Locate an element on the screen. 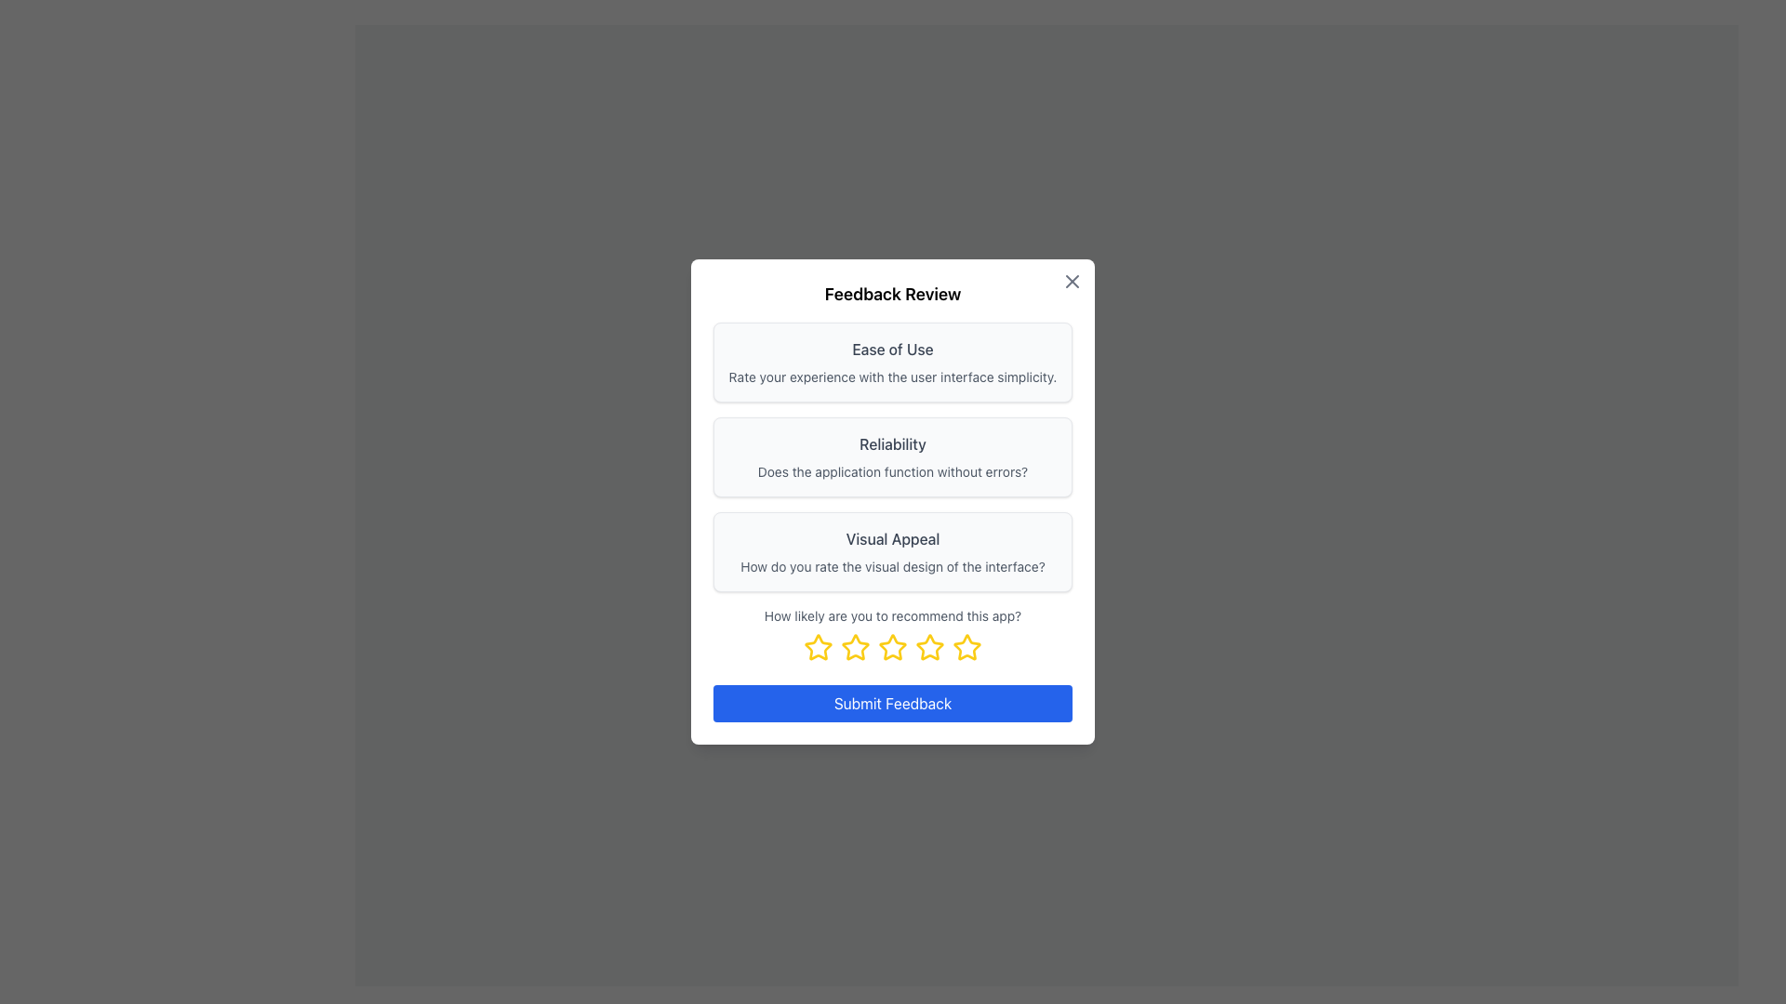  the second star icon in the star-based rating system located at the bottom of the feedback review panel is located at coordinates (855, 647).